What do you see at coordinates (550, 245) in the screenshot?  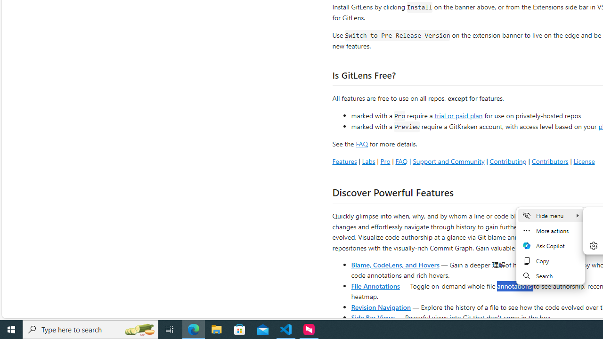 I see `'Mini menu on text selection'` at bounding box center [550, 245].